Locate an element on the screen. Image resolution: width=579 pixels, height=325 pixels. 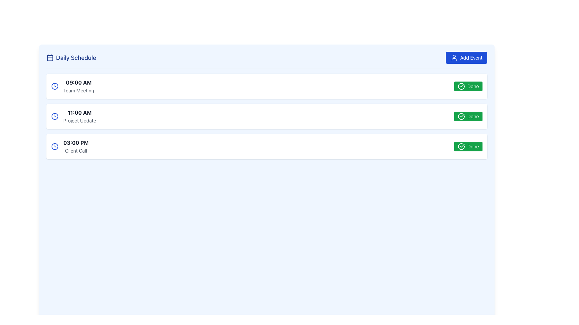
the visual indicator icon for the time located to the left of the '11:00 AM' label in the schedule interface is located at coordinates (55, 116).